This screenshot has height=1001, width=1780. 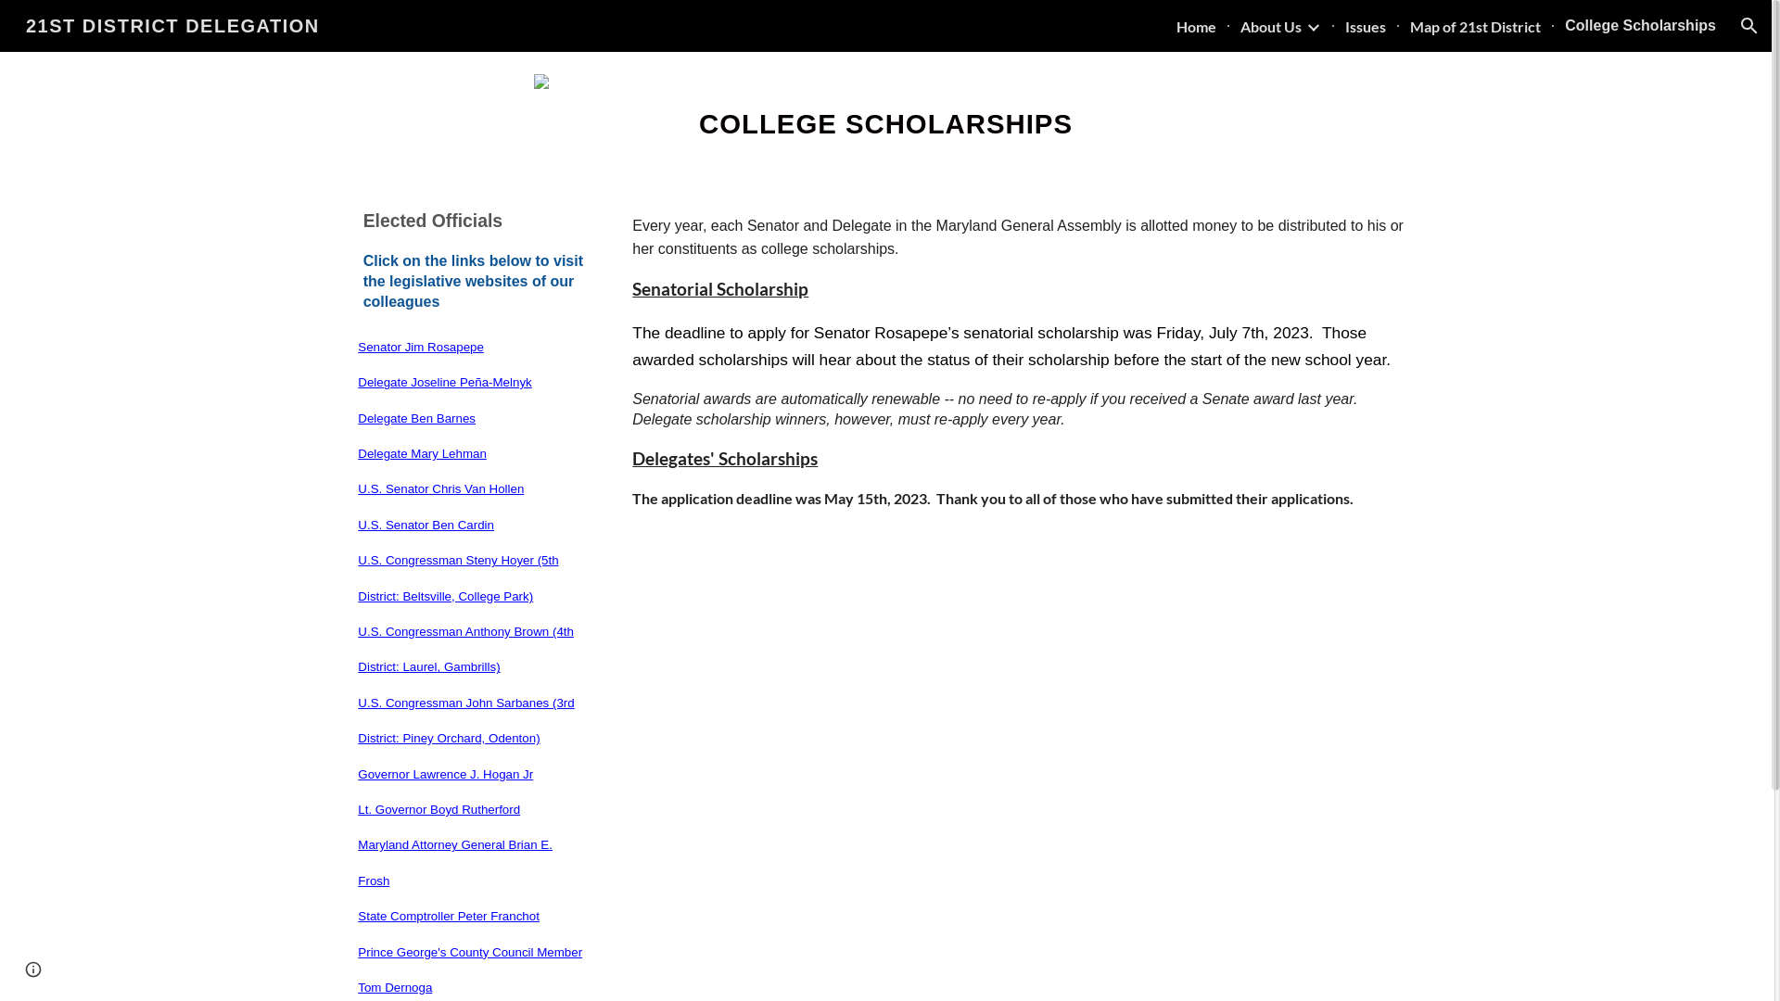 What do you see at coordinates (357, 487) in the screenshot?
I see `'U.S. Senator Chris Van Hollen'` at bounding box center [357, 487].